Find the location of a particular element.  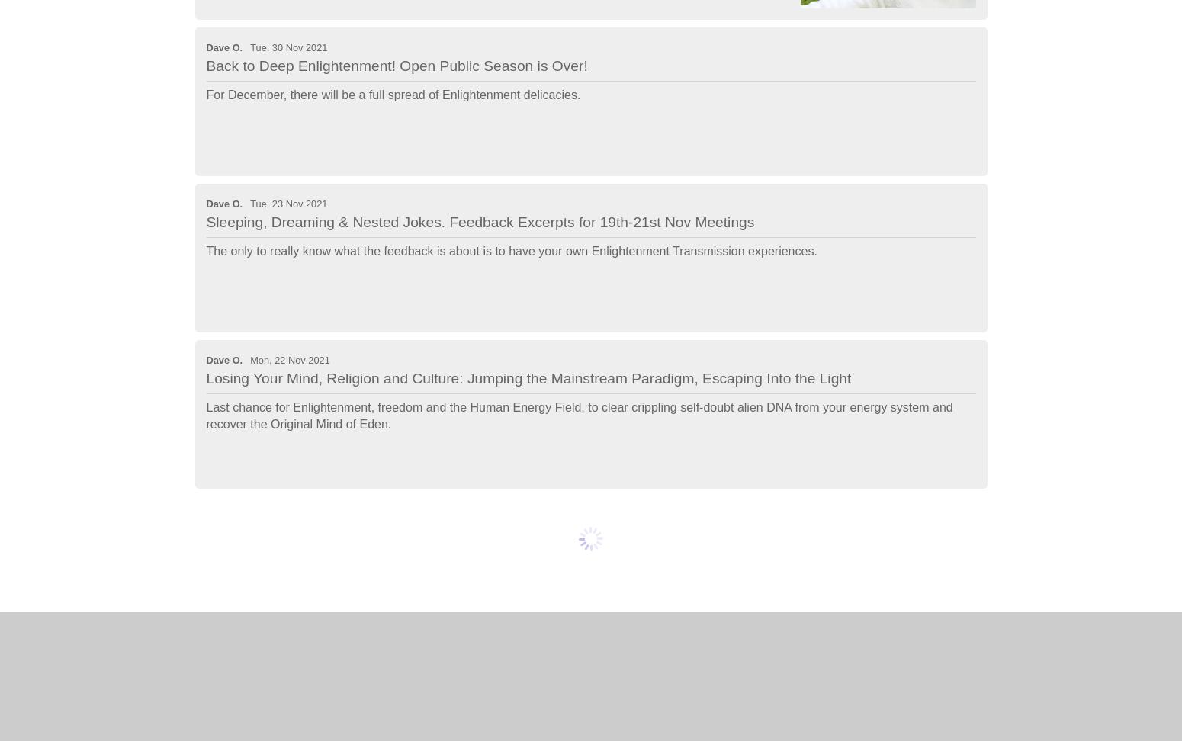

'Back to Deep Enlightenment! Open Public Season is Over!' is located at coordinates (396, 64).